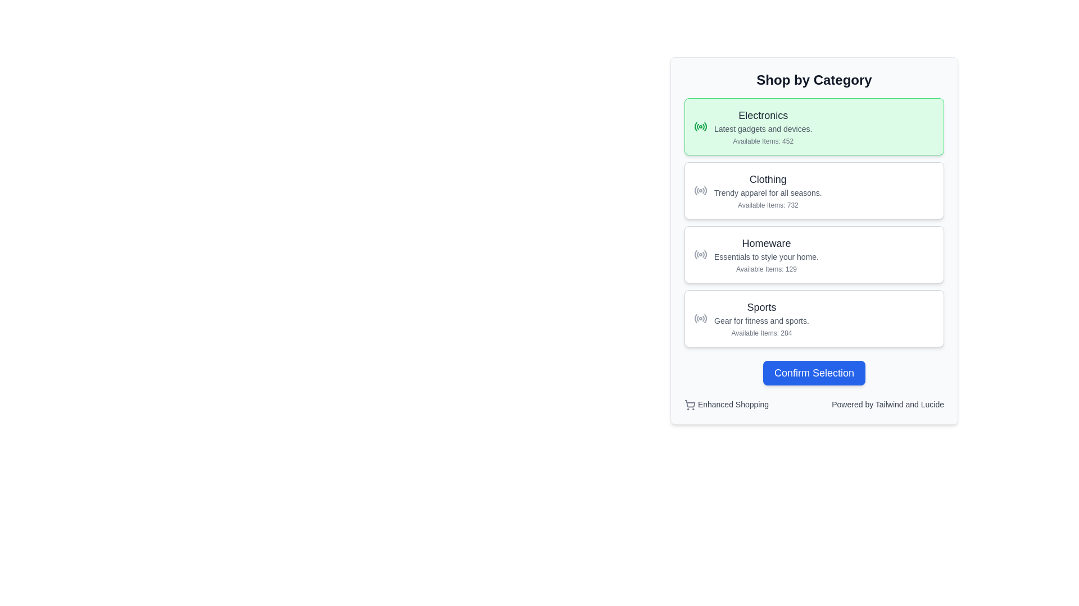 This screenshot has height=606, width=1079. I want to click on the visual representation of the shopping cart body icon located at the bottom left corner of the UI card, so click(690, 403).